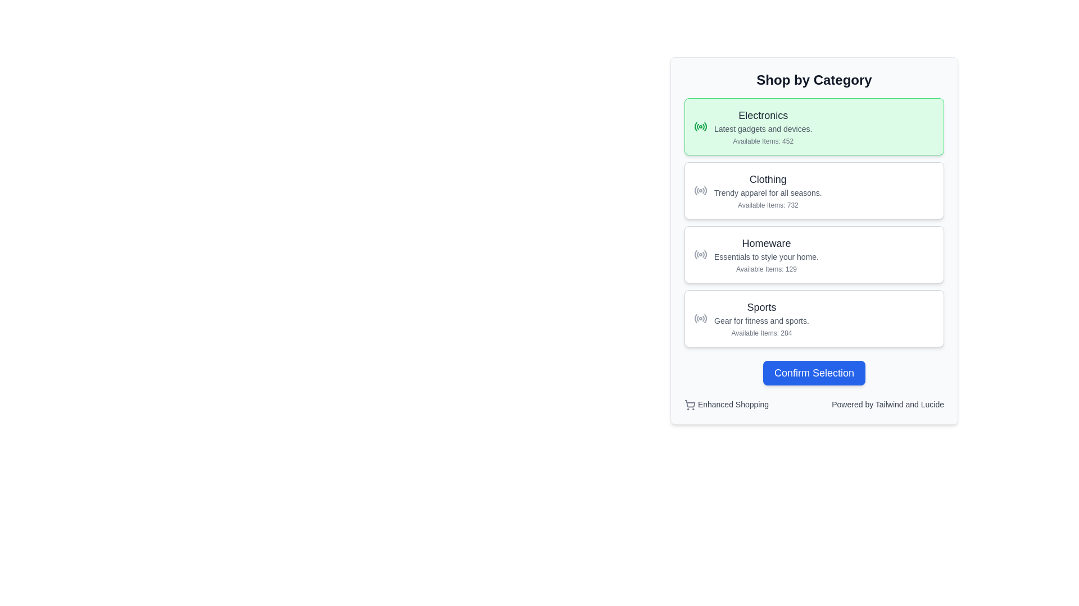 This screenshot has height=606, width=1079. I want to click on the visual representation of the shopping cart body icon located at the bottom left corner of the UI card, so click(690, 403).